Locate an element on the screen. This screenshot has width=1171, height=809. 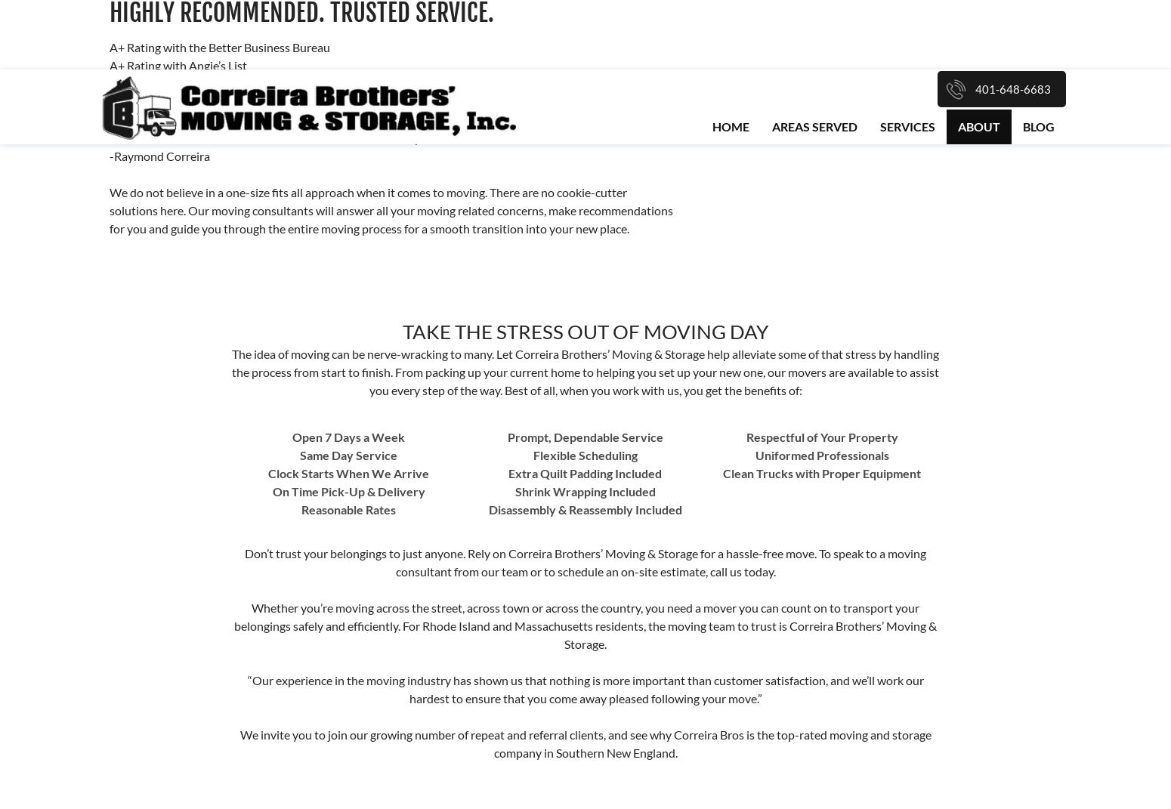
'Residential' is located at coordinates (633, 304).